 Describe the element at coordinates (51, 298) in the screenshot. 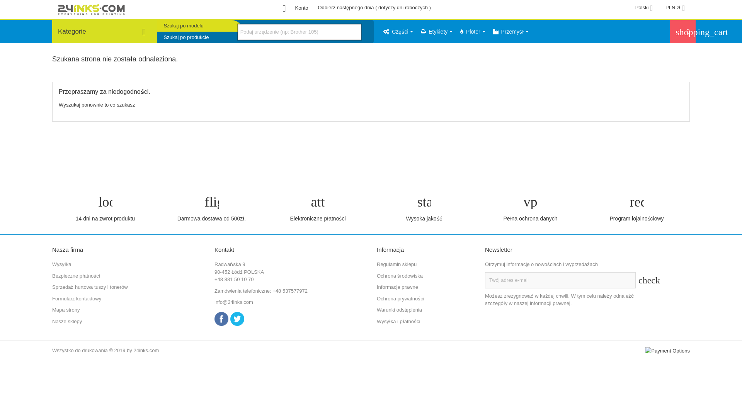

I see `'Formularz kontaktowy'` at that location.